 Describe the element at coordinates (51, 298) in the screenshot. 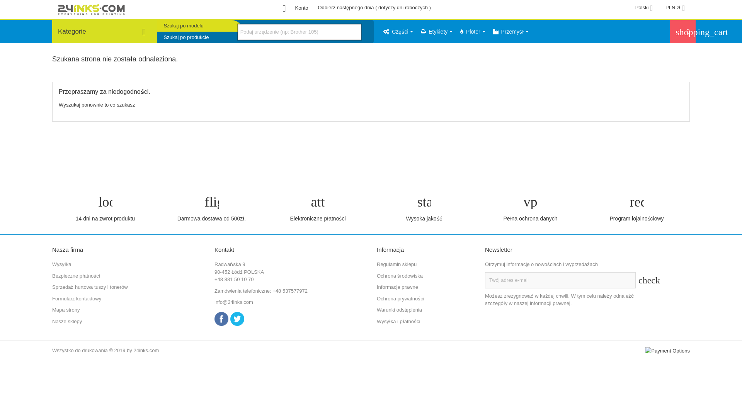

I see `'Formularz kontaktowy'` at that location.